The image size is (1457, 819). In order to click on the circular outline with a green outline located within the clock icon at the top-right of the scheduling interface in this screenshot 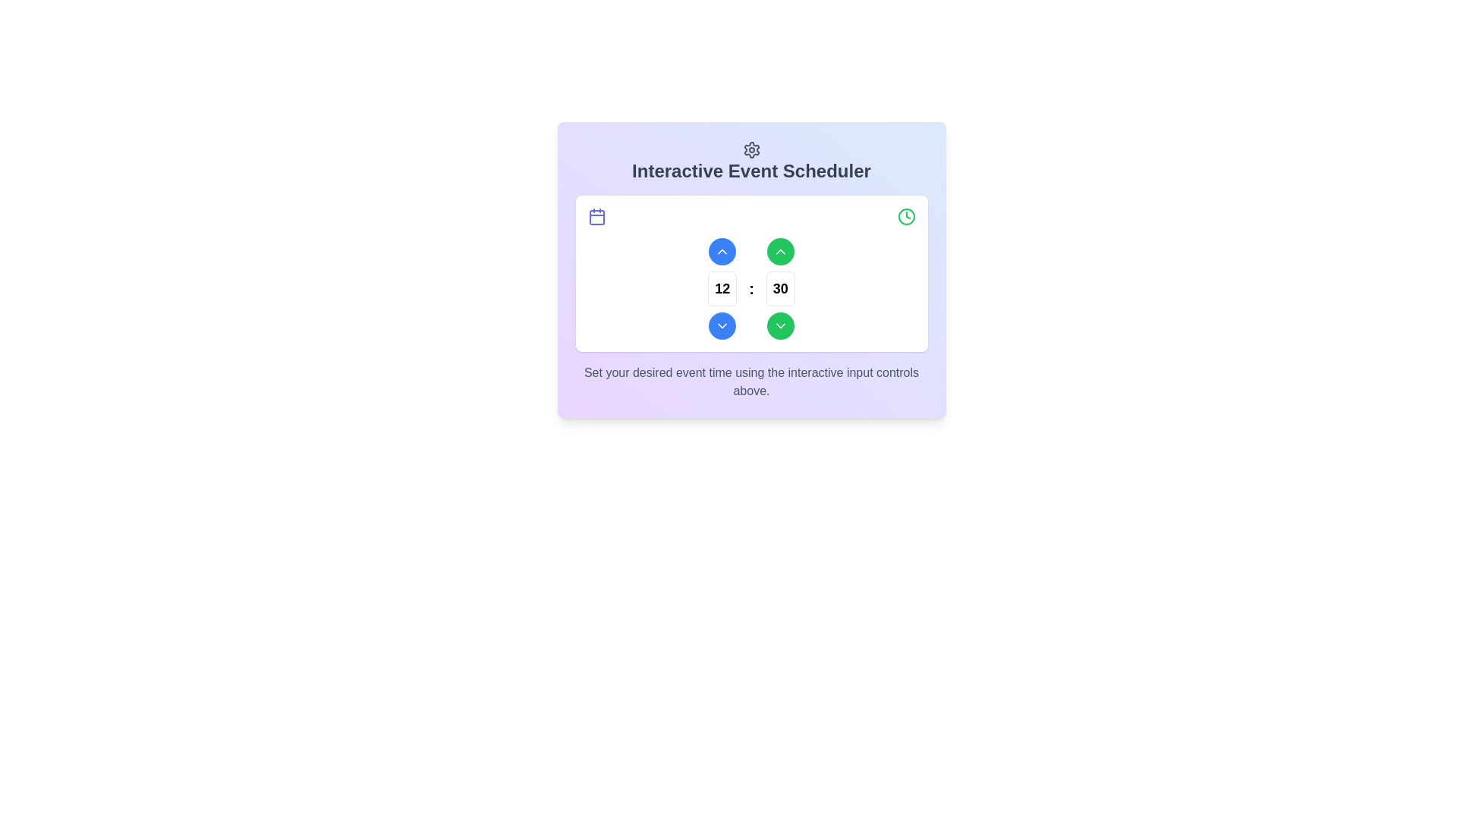, I will do `click(906, 216)`.